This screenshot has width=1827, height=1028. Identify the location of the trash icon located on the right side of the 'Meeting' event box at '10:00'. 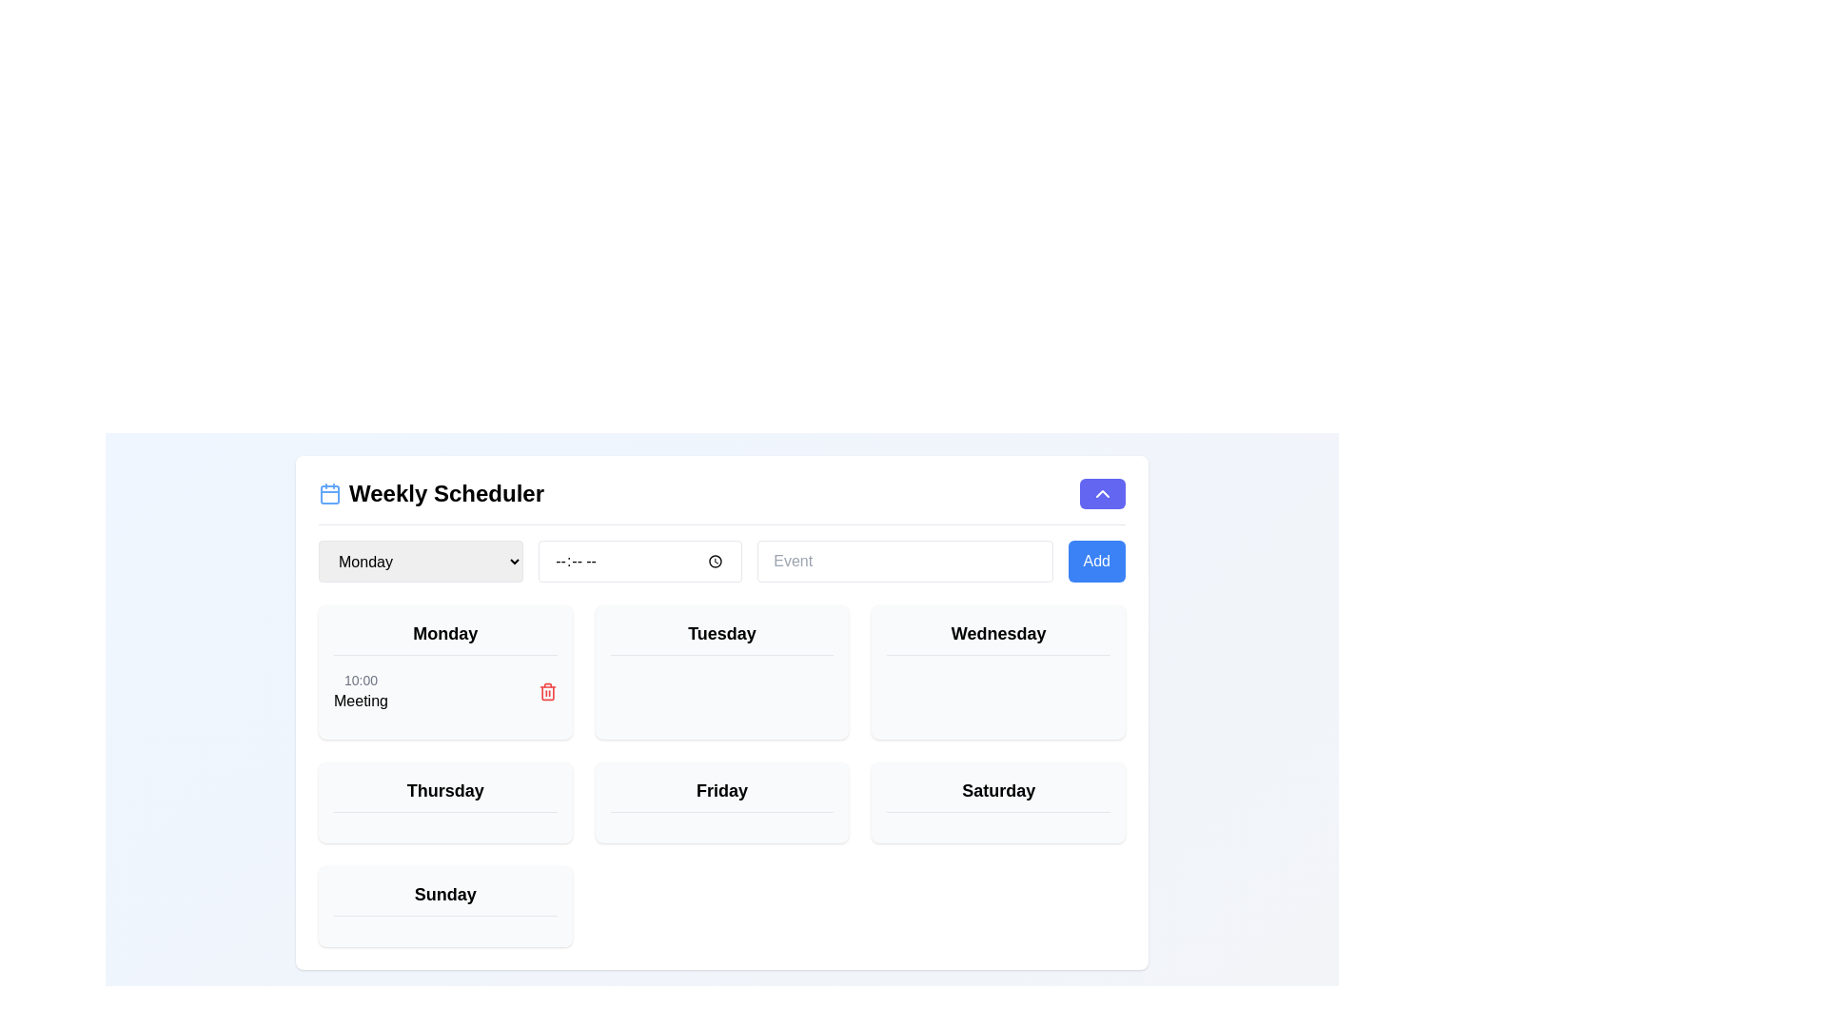
(546, 691).